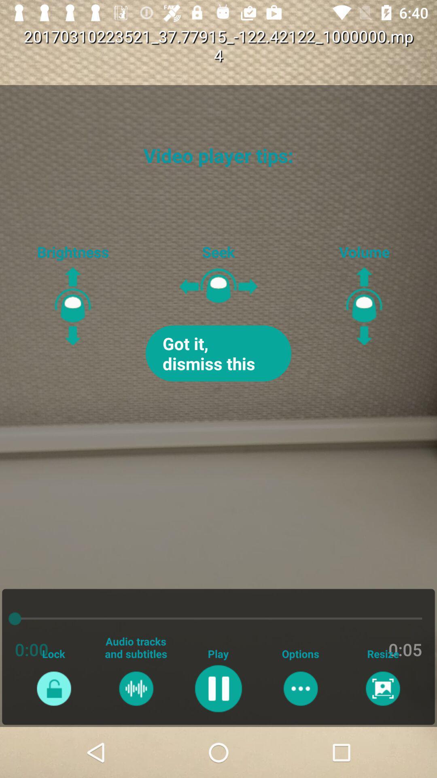  I want to click on stop playing, so click(218, 688).